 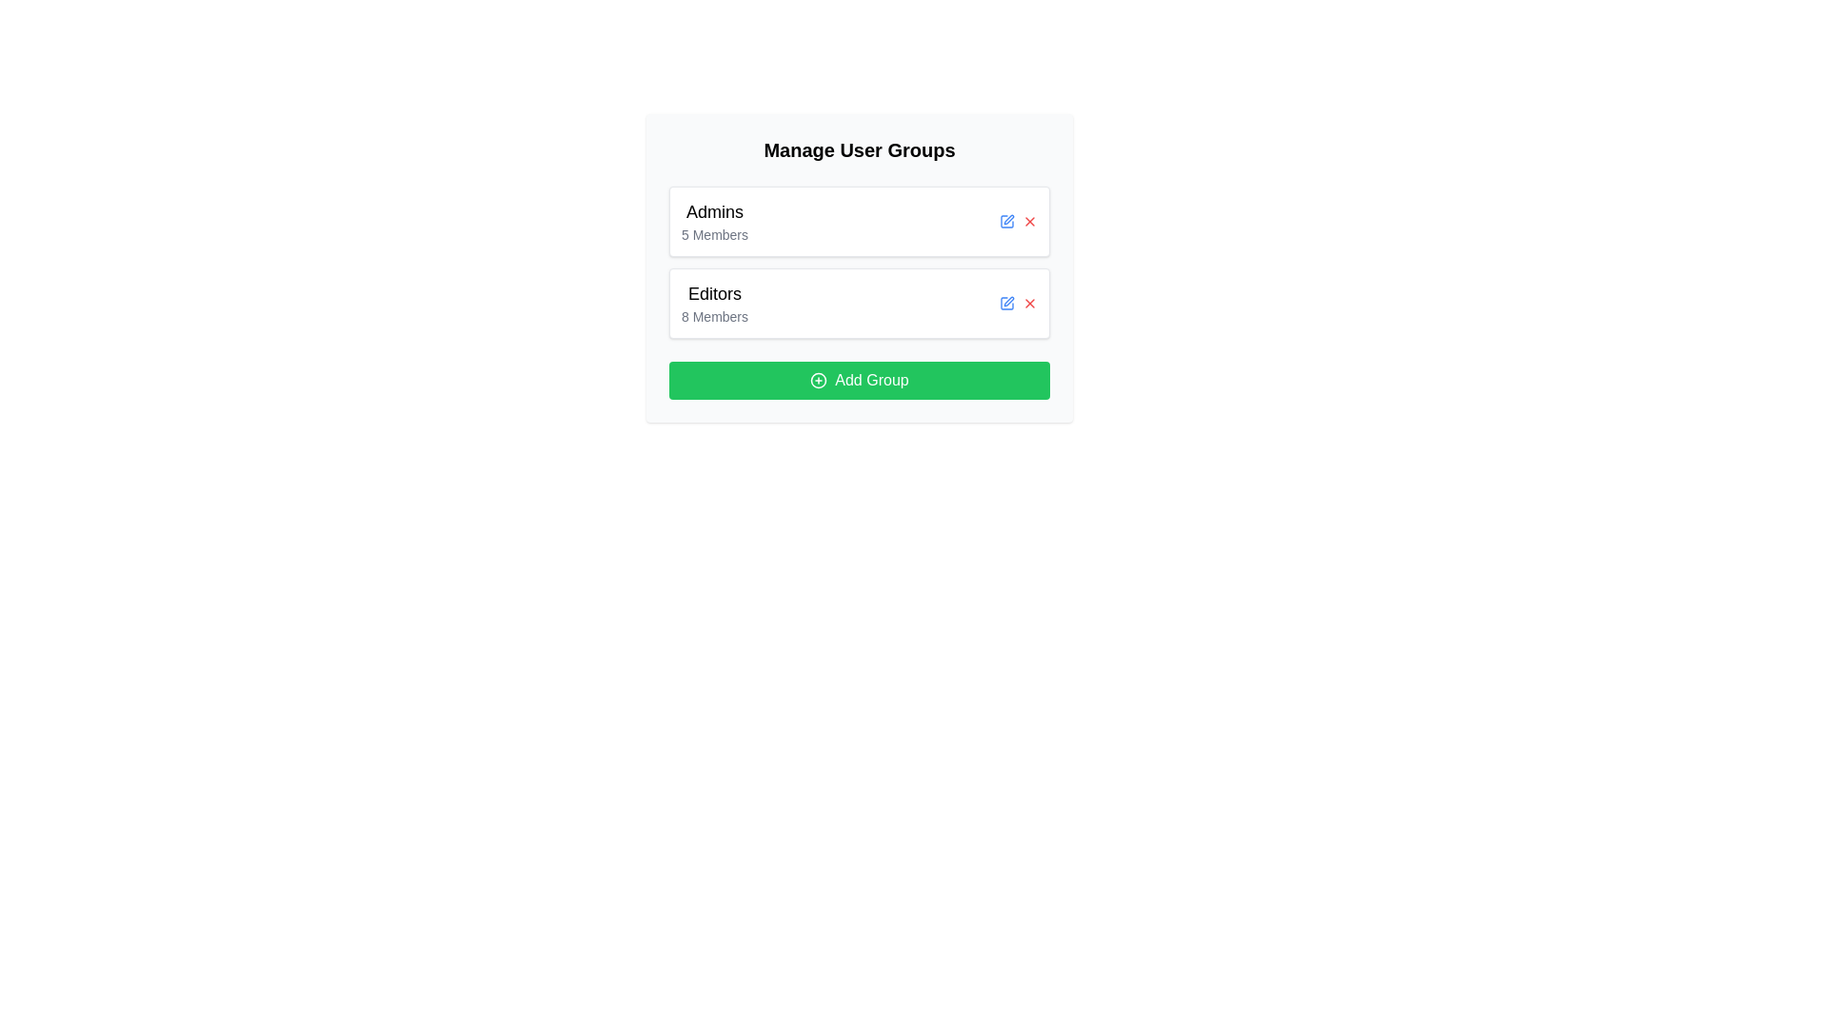 I want to click on the static text label displaying '5 Members', which is located directly below the 'Admins' header and provides descriptive information about the group, so click(x=714, y=233).